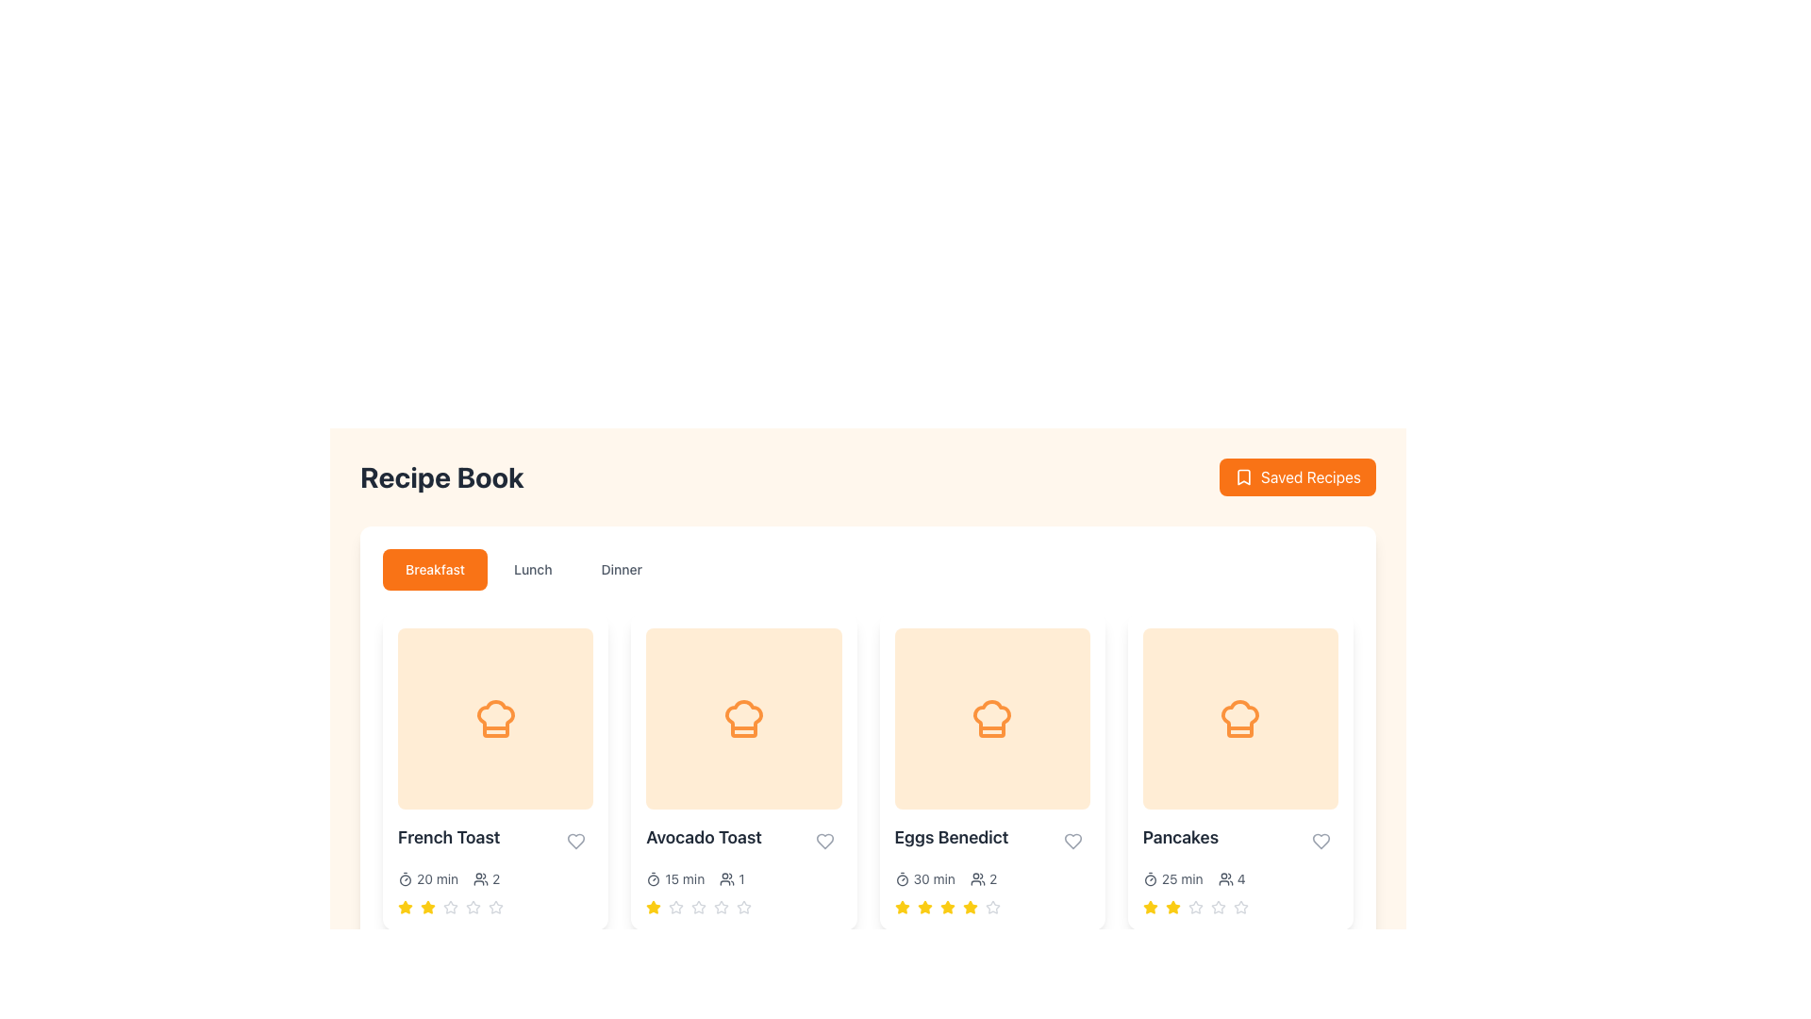  Describe the element at coordinates (924, 906) in the screenshot. I see `the third yellow star icon in the rating section of the 'Eggs Benedict' item card, which indicates an active rating state` at that location.